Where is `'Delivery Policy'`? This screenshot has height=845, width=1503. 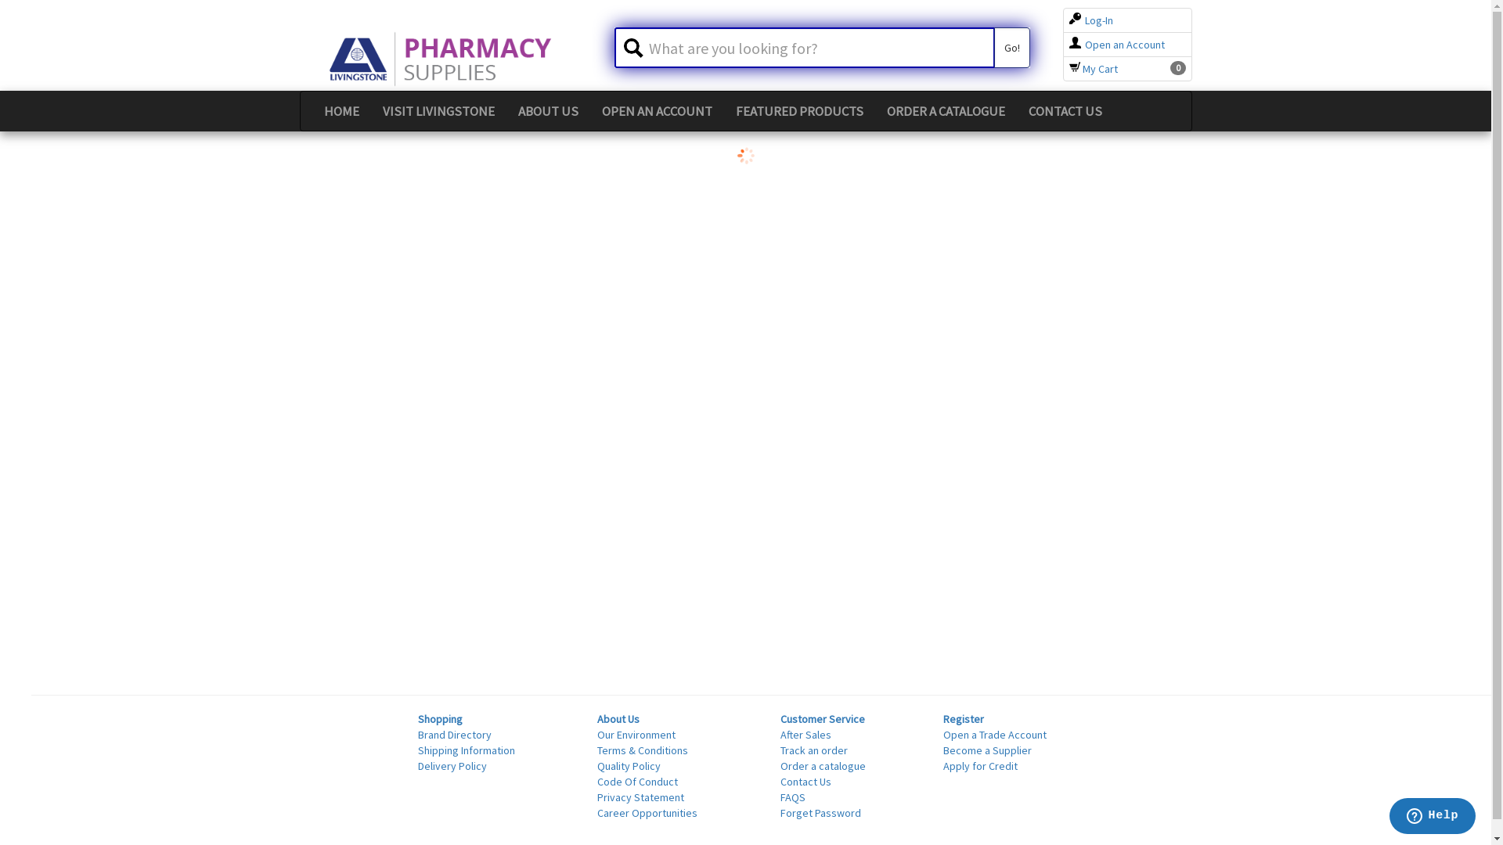 'Delivery Policy' is located at coordinates (451, 765).